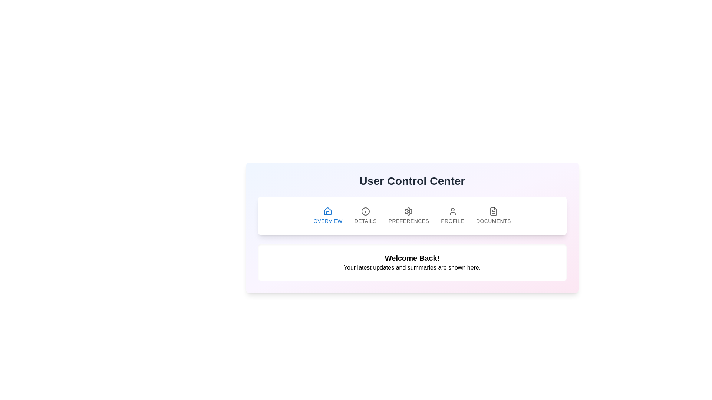  I want to click on the house-shaped icon located above the 'Overview' tab label to navigate to the Overview section, so click(327, 211).